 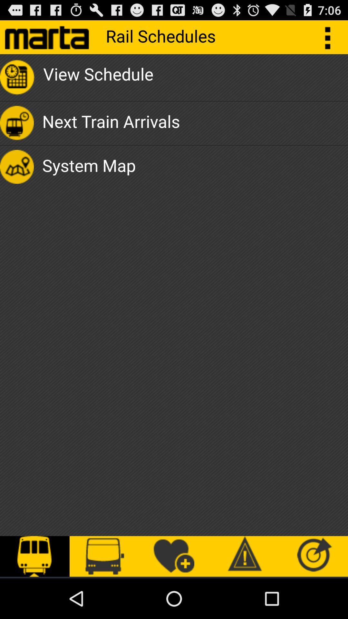 I want to click on the button which is right side of rail schedules, so click(x=331, y=37).